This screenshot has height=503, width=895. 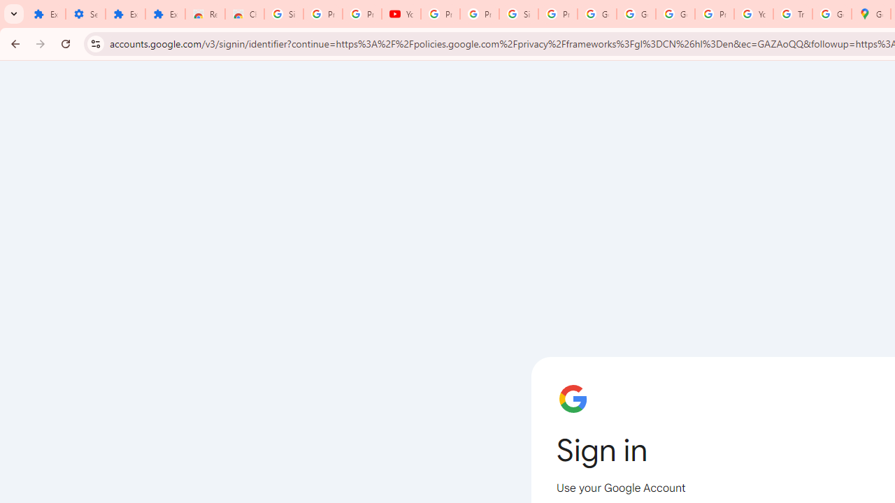 What do you see at coordinates (636, 14) in the screenshot?
I see `'Google Account'` at bounding box center [636, 14].